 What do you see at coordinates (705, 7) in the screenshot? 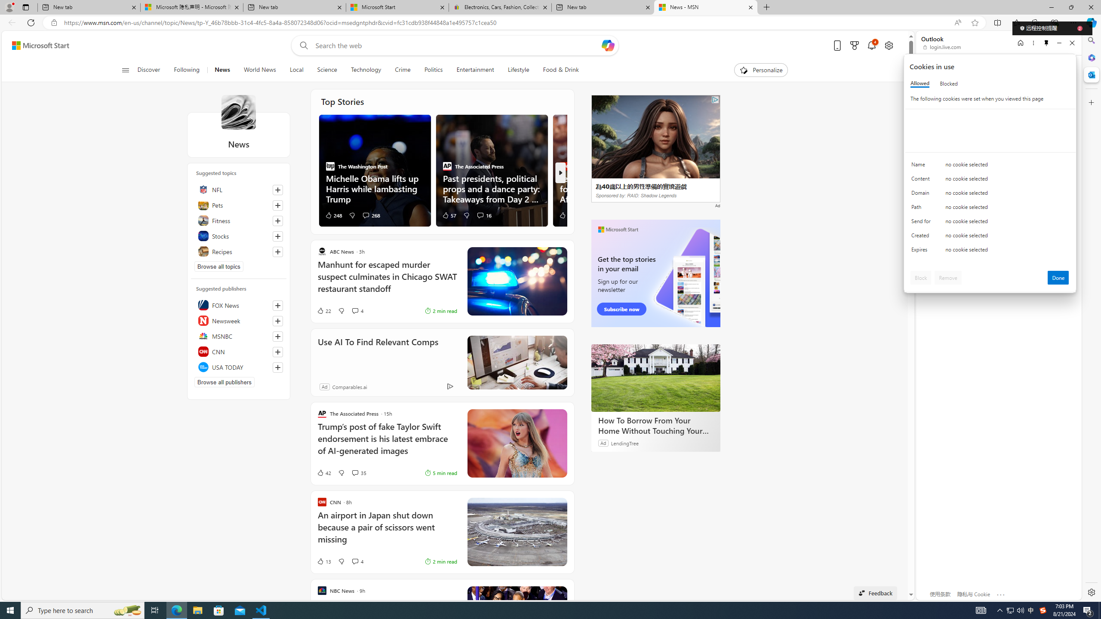
I see `'News - MSN'` at bounding box center [705, 7].